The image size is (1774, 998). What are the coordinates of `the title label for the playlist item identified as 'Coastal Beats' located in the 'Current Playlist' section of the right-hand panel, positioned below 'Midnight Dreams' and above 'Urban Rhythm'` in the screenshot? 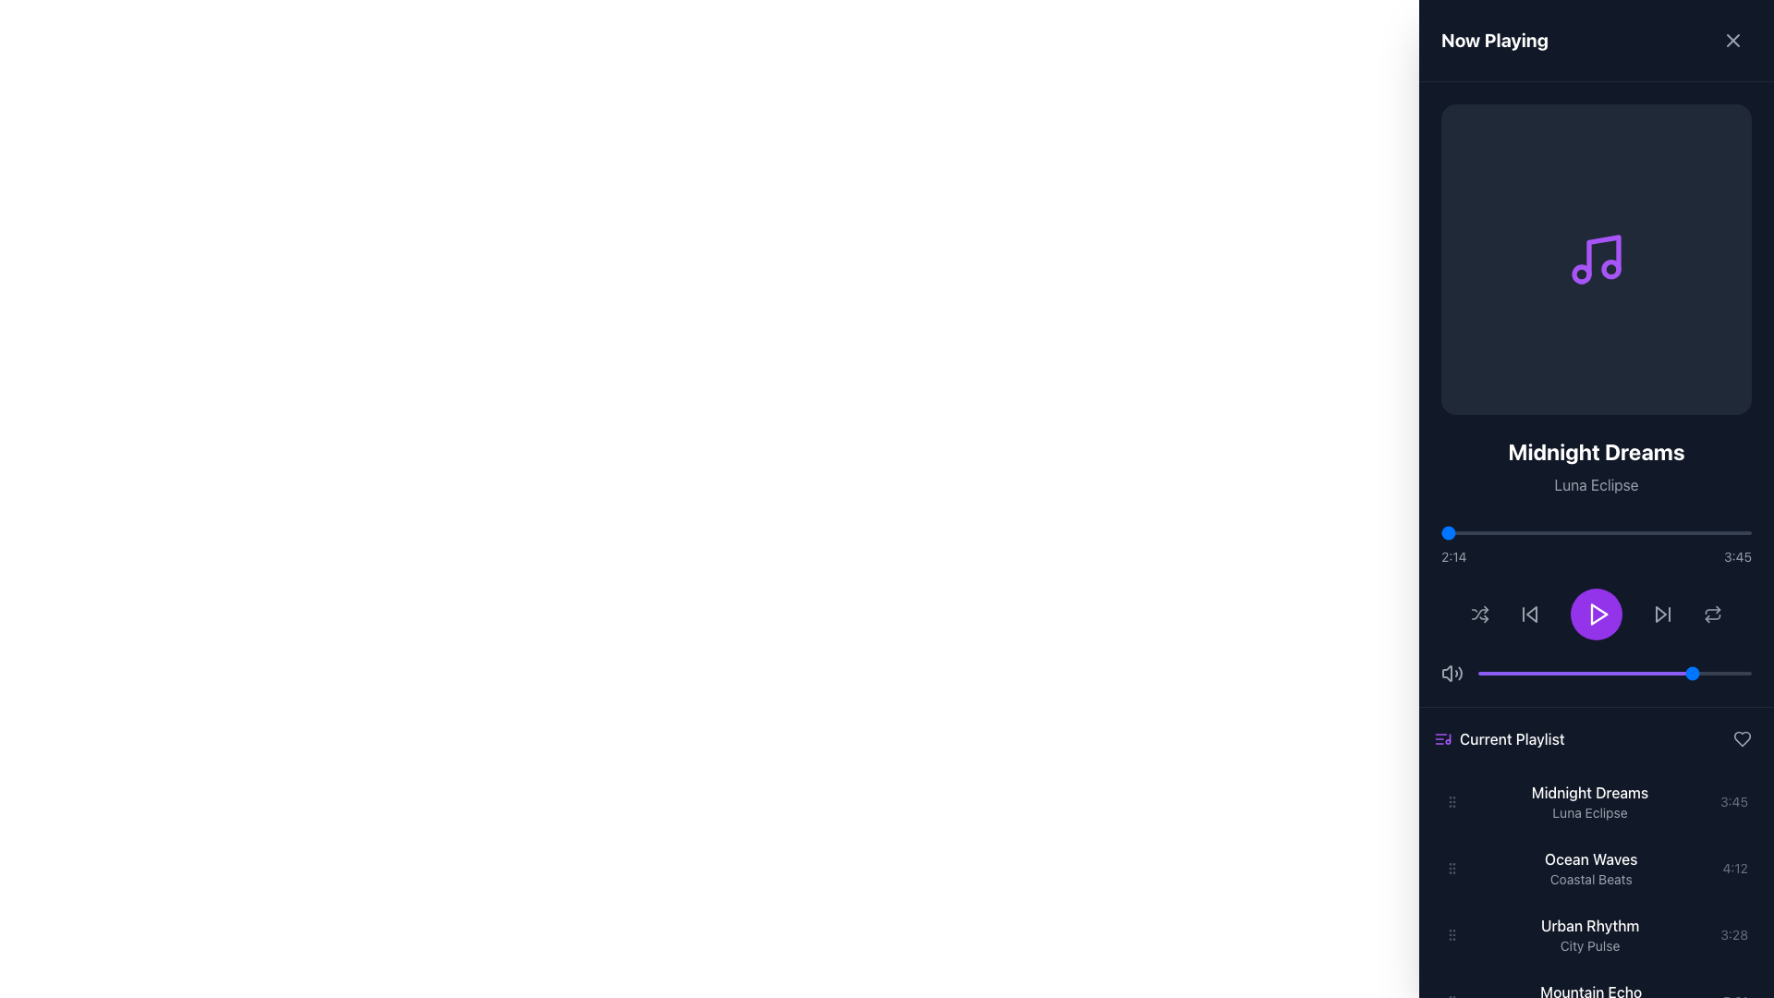 It's located at (1590, 858).